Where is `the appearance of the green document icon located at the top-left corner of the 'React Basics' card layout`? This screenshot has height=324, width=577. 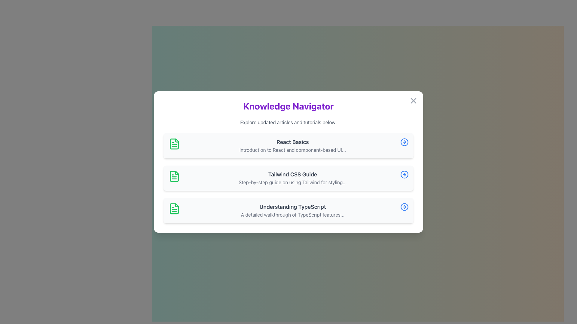
the appearance of the green document icon located at the top-left corner of the 'React Basics' card layout is located at coordinates (174, 144).